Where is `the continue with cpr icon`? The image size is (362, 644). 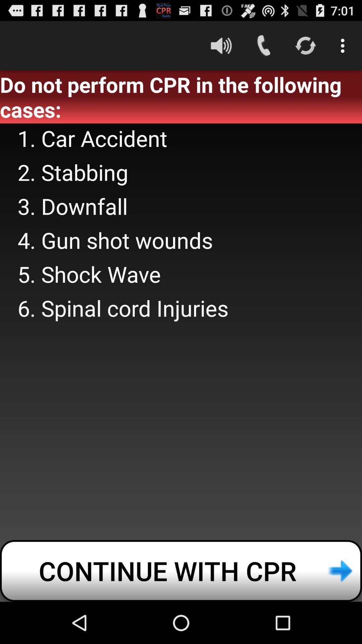 the continue with cpr icon is located at coordinates (181, 571).